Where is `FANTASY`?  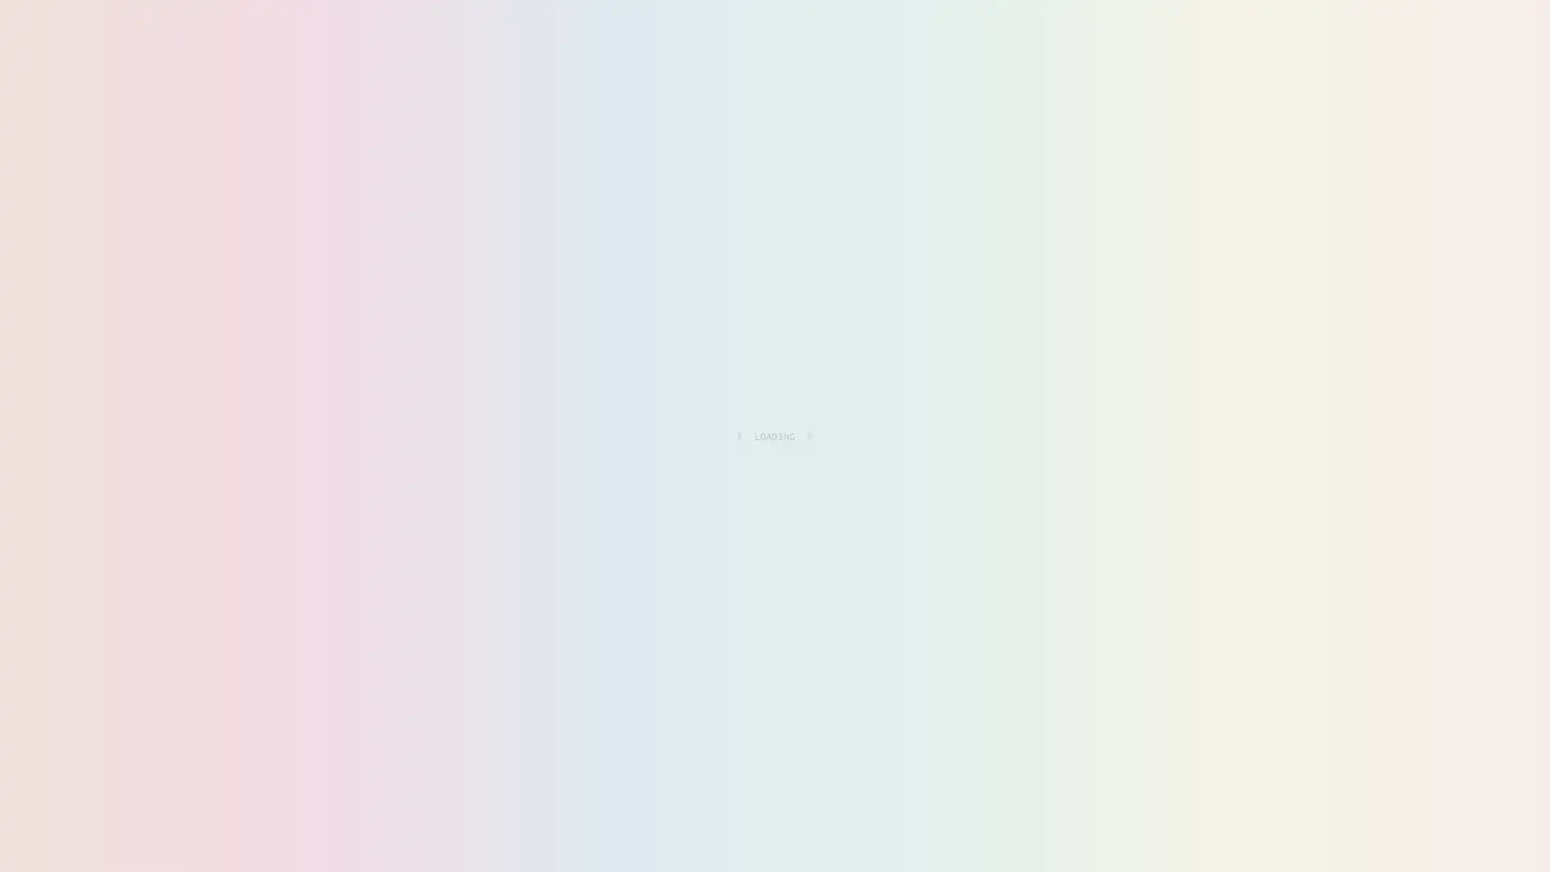
FANTASY is located at coordinates (191, 180).